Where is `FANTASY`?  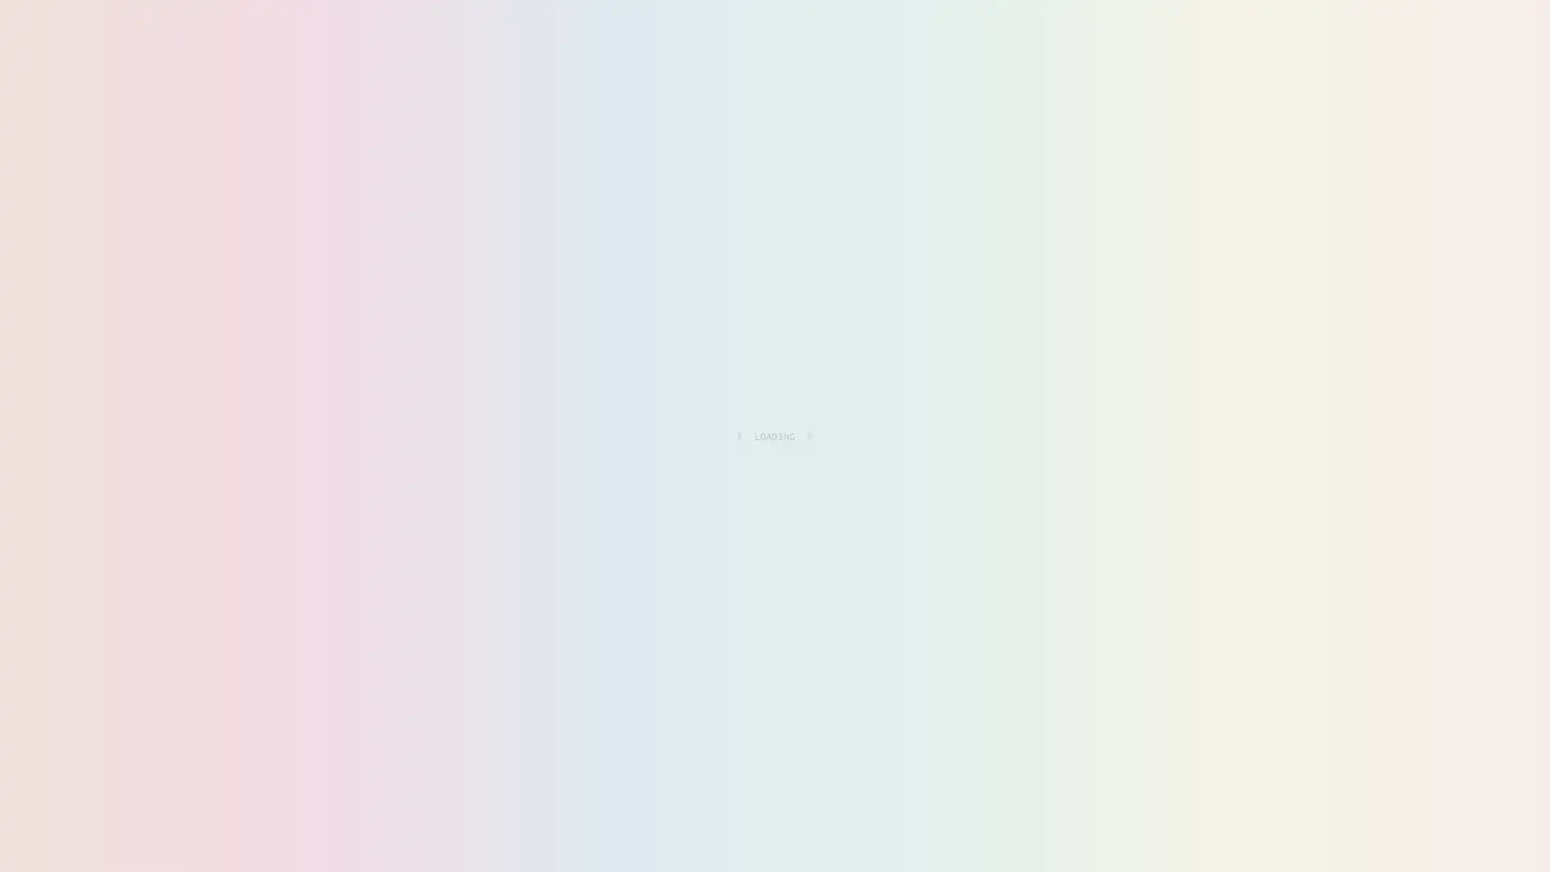
FANTASY is located at coordinates (191, 180).